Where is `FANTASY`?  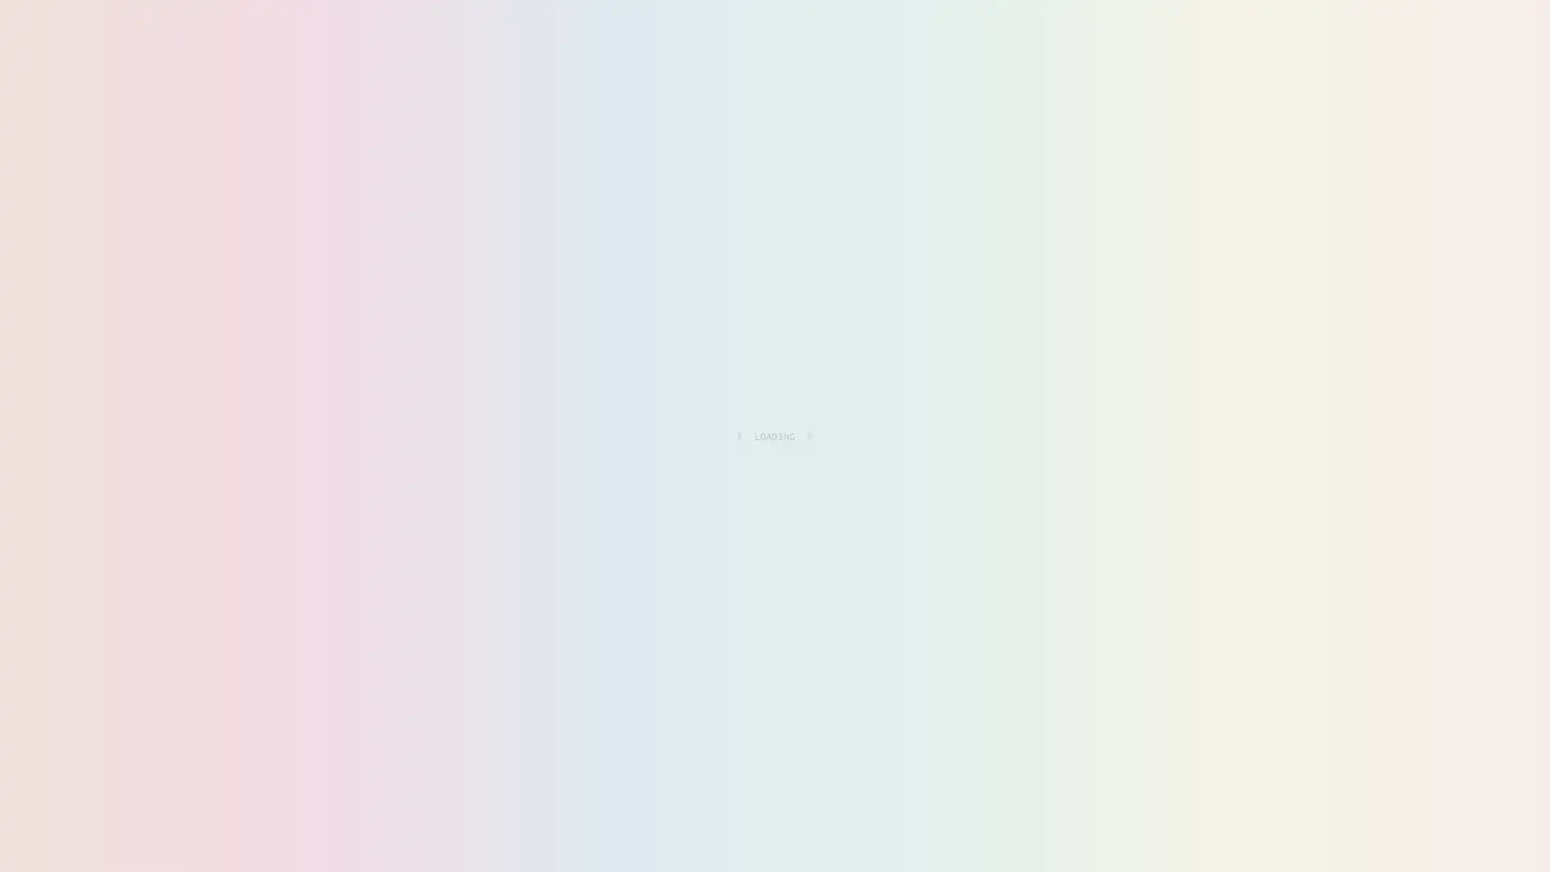
FANTASY is located at coordinates (191, 180).